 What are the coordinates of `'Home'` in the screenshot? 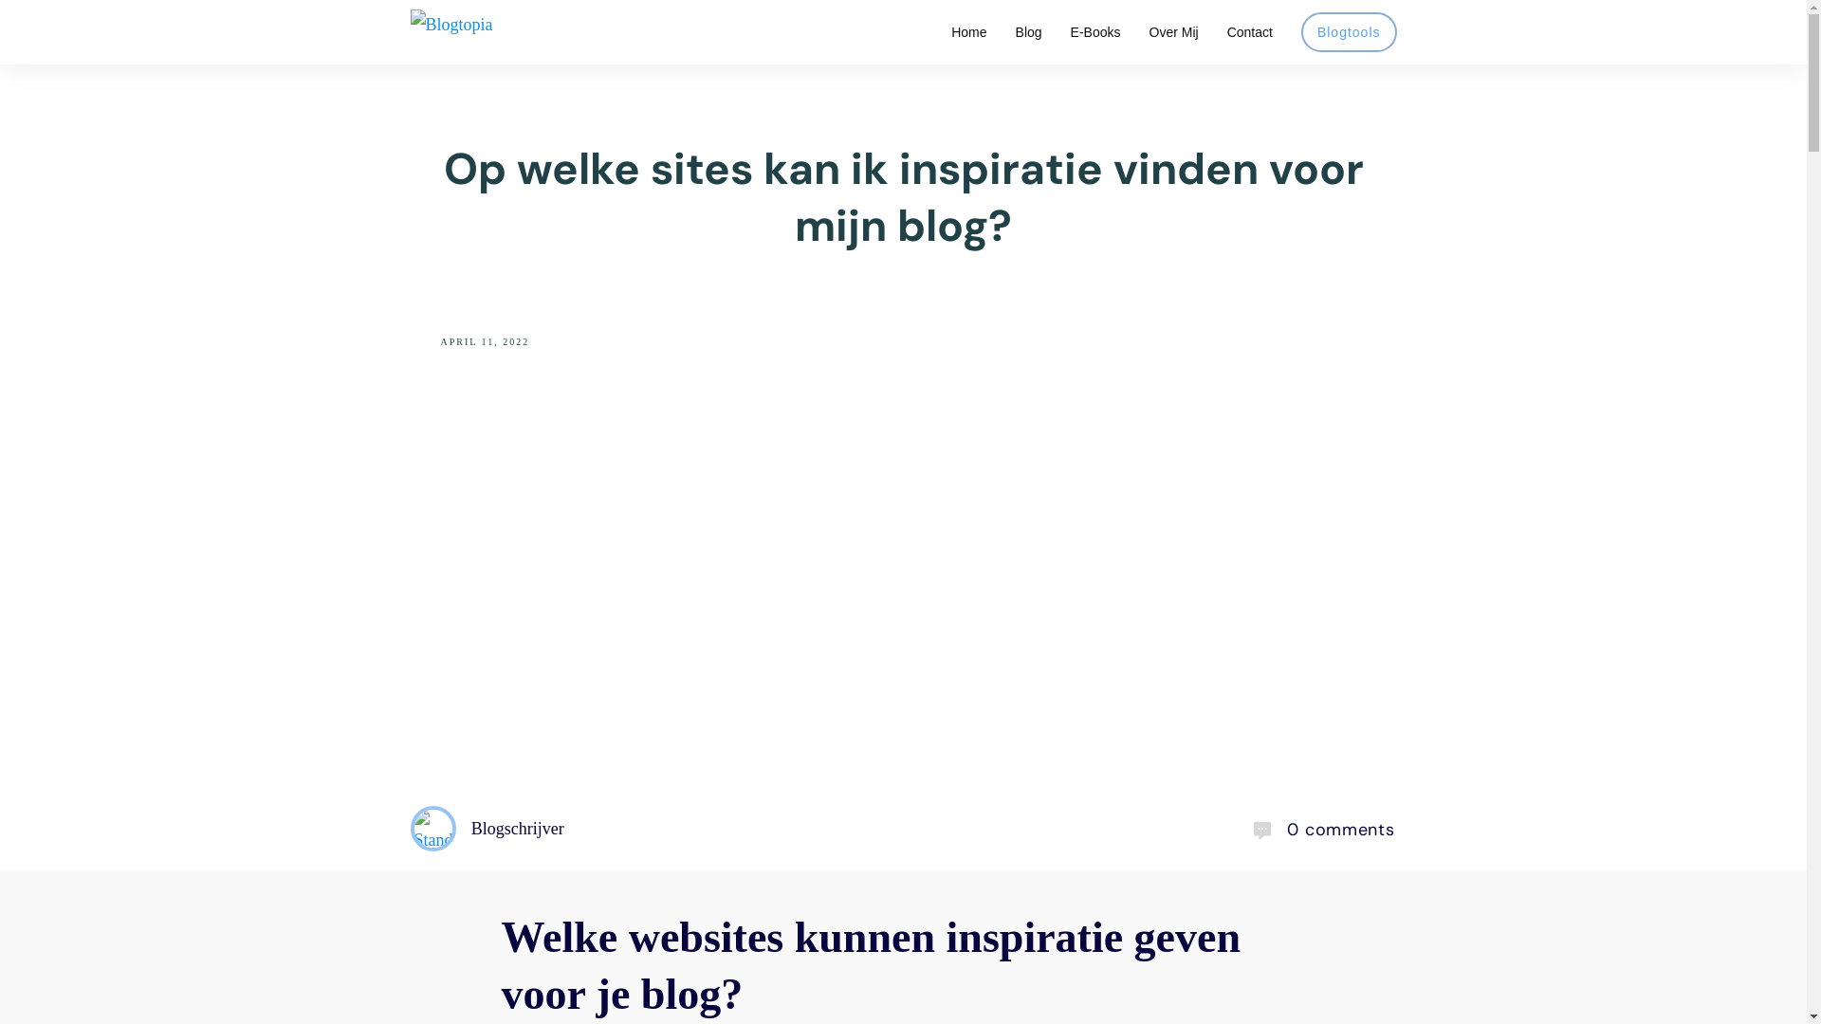 It's located at (968, 32).